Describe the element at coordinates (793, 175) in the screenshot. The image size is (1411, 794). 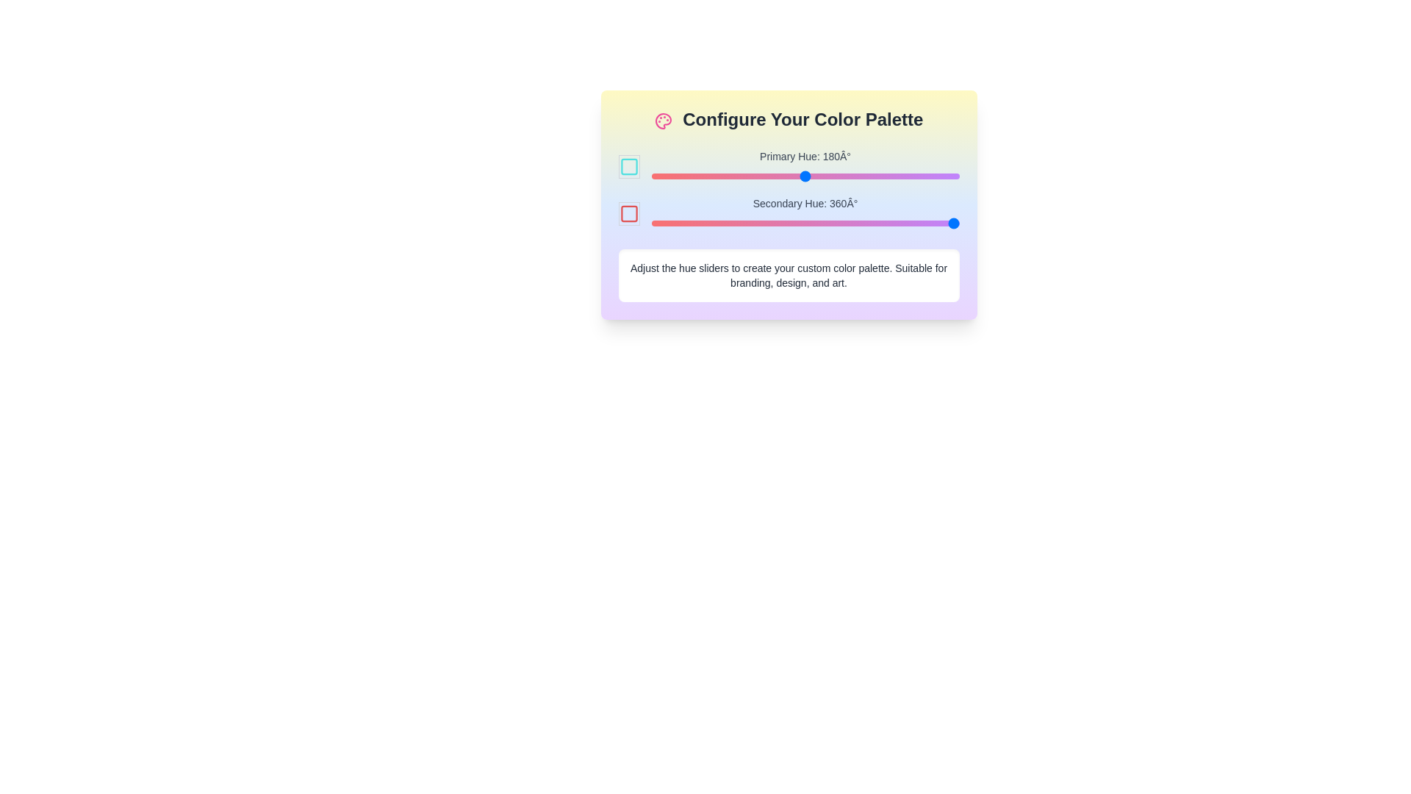
I see `the primary hue slider to 167 degrees` at that location.